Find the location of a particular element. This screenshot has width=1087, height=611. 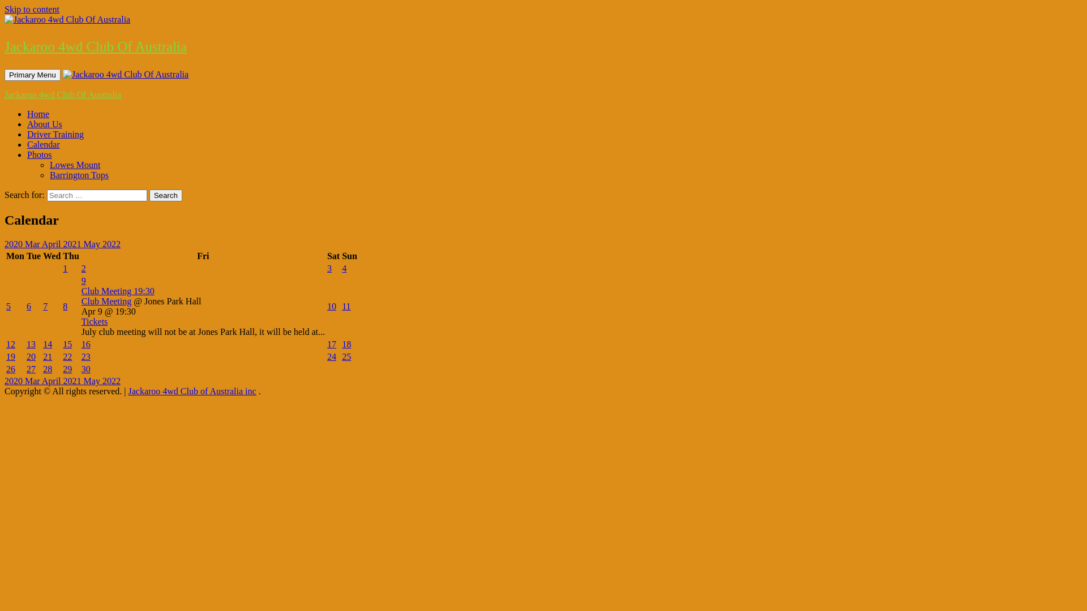

'2' is located at coordinates (83, 268).